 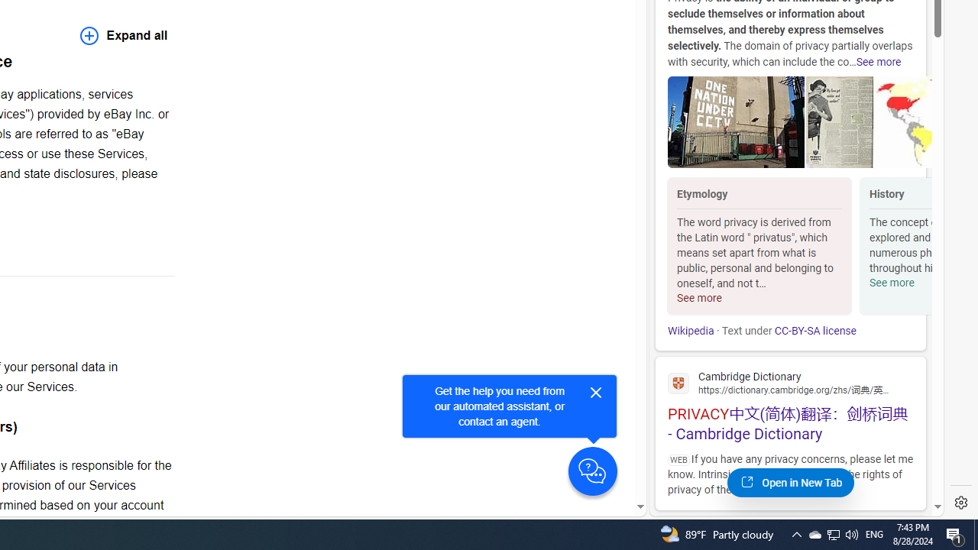 I want to click on 'Global web icon', so click(x=678, y=382).